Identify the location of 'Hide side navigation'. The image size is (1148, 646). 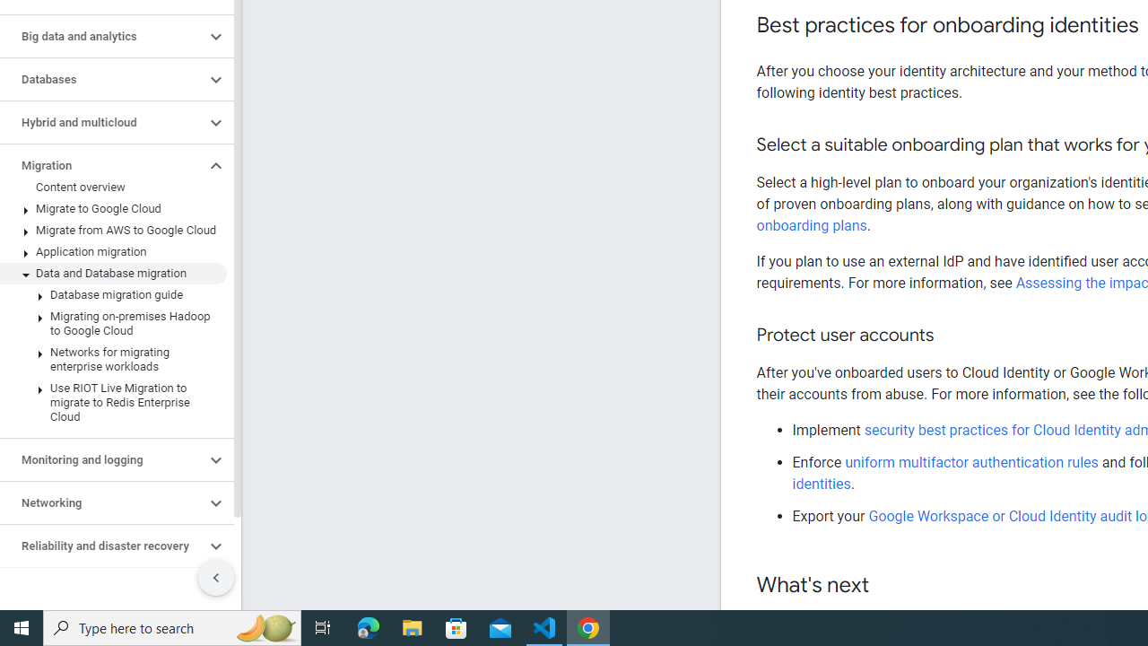
(215, 578).